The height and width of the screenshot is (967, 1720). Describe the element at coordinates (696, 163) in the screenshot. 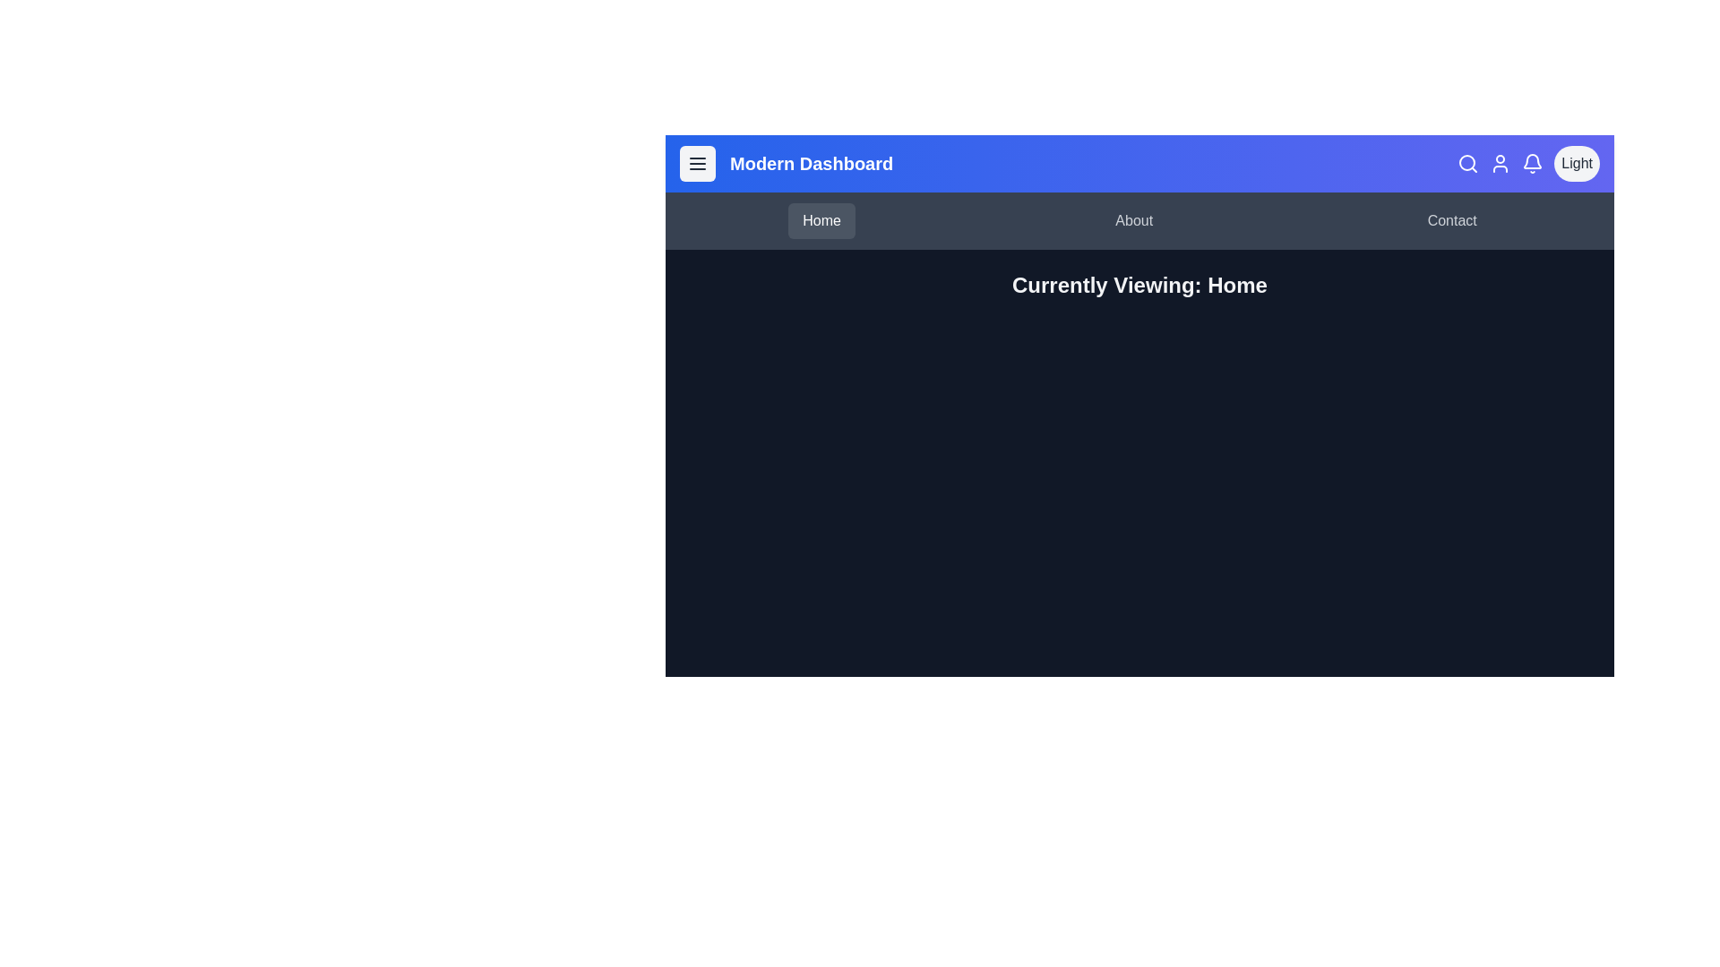

I see `the menu button to toggle the sidebar` at that location.